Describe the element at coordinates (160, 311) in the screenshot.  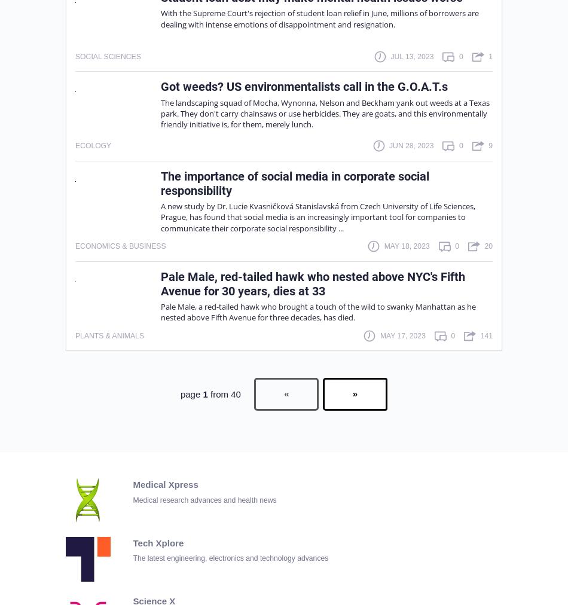
I see `'Pale Male, a red-tailed hawk who brought a touch of the wild to swanky Manhattan as he nested above Fifth Avenue for three decades, has died.'` at that location.